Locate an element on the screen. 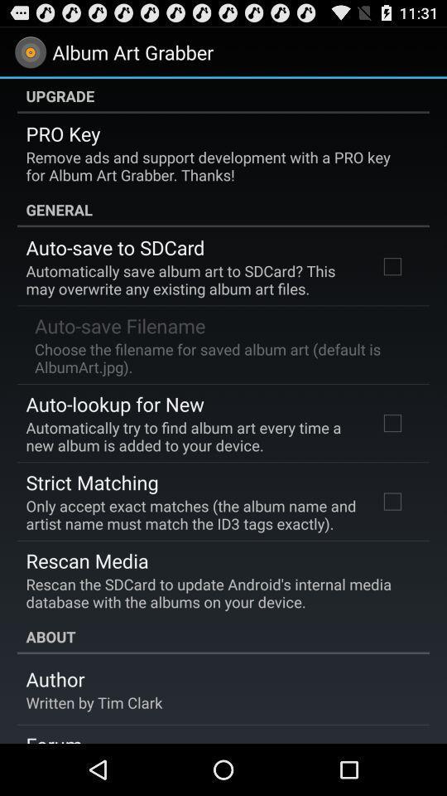 This screenshot has height=796, width=447. the app below the remove ads and app is located at coordinates (223, 208).